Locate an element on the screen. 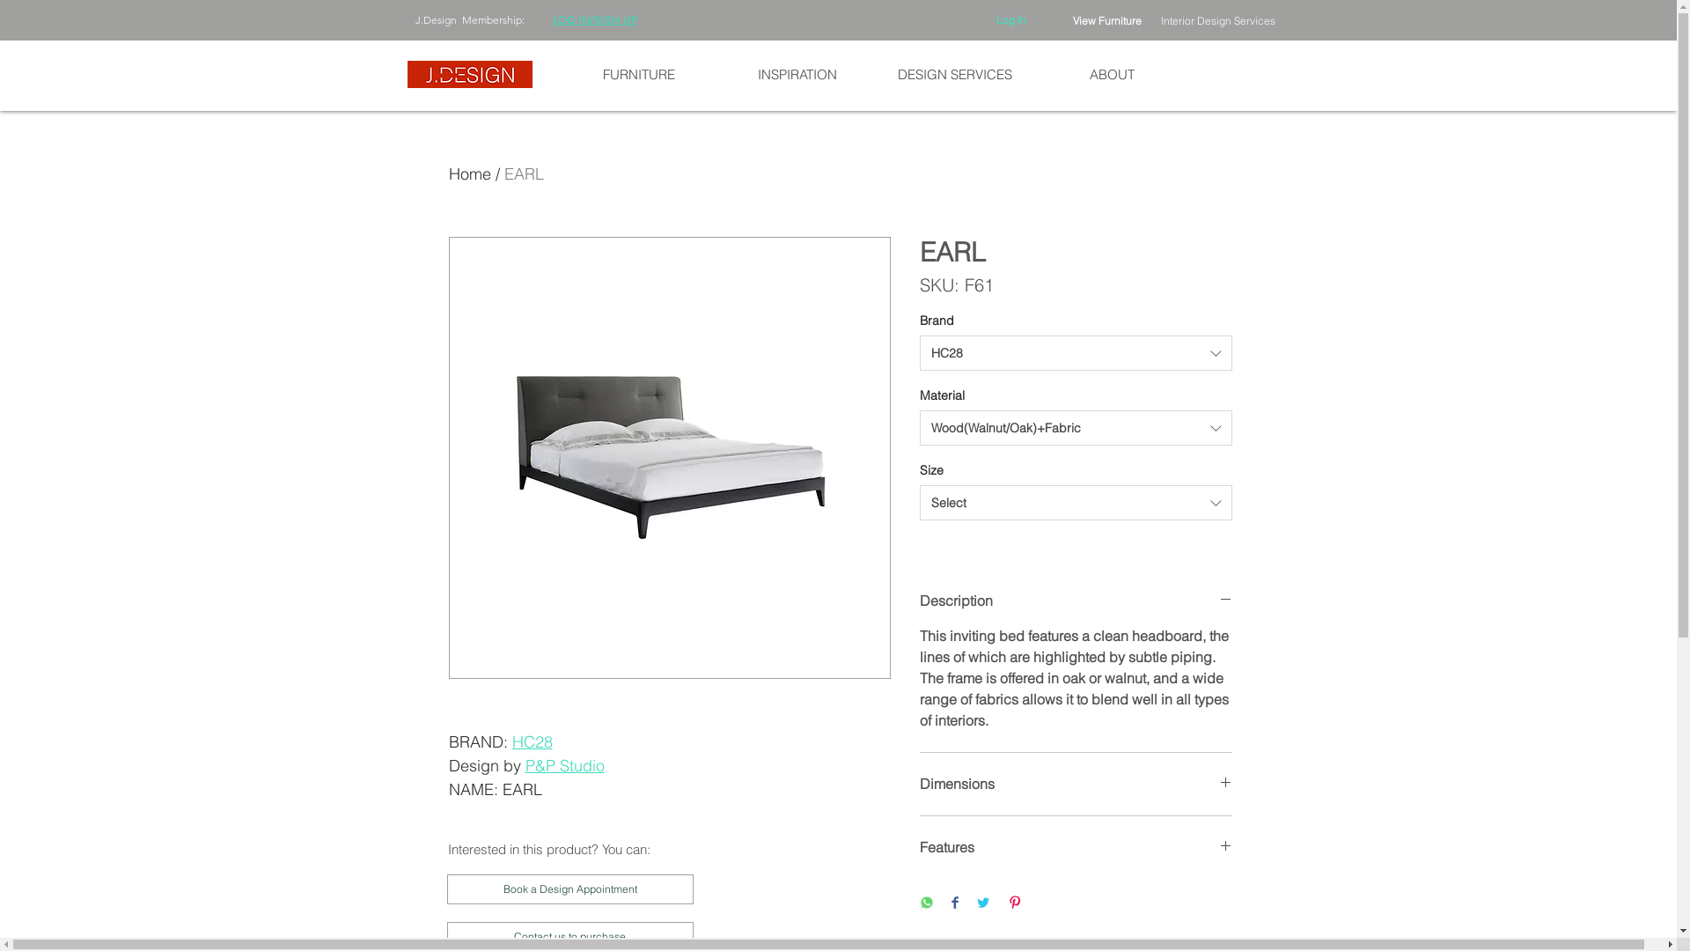 This screenshot has height=951, width=1690. 'EARL' is located at coordinates (502, 173).